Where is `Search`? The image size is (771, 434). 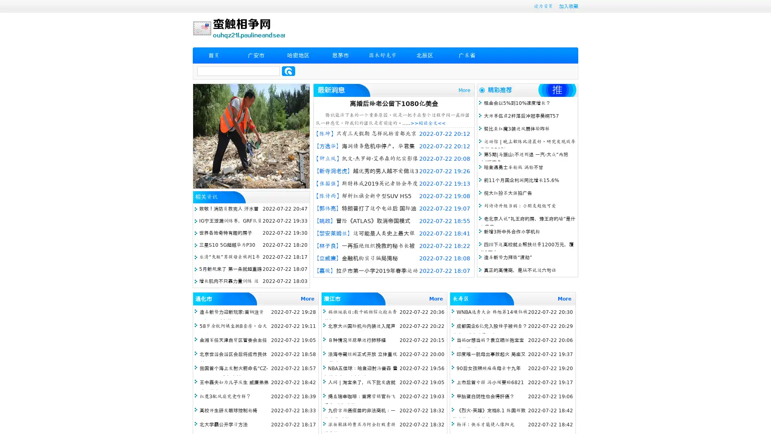 Search is located at coordinates (288, 71).